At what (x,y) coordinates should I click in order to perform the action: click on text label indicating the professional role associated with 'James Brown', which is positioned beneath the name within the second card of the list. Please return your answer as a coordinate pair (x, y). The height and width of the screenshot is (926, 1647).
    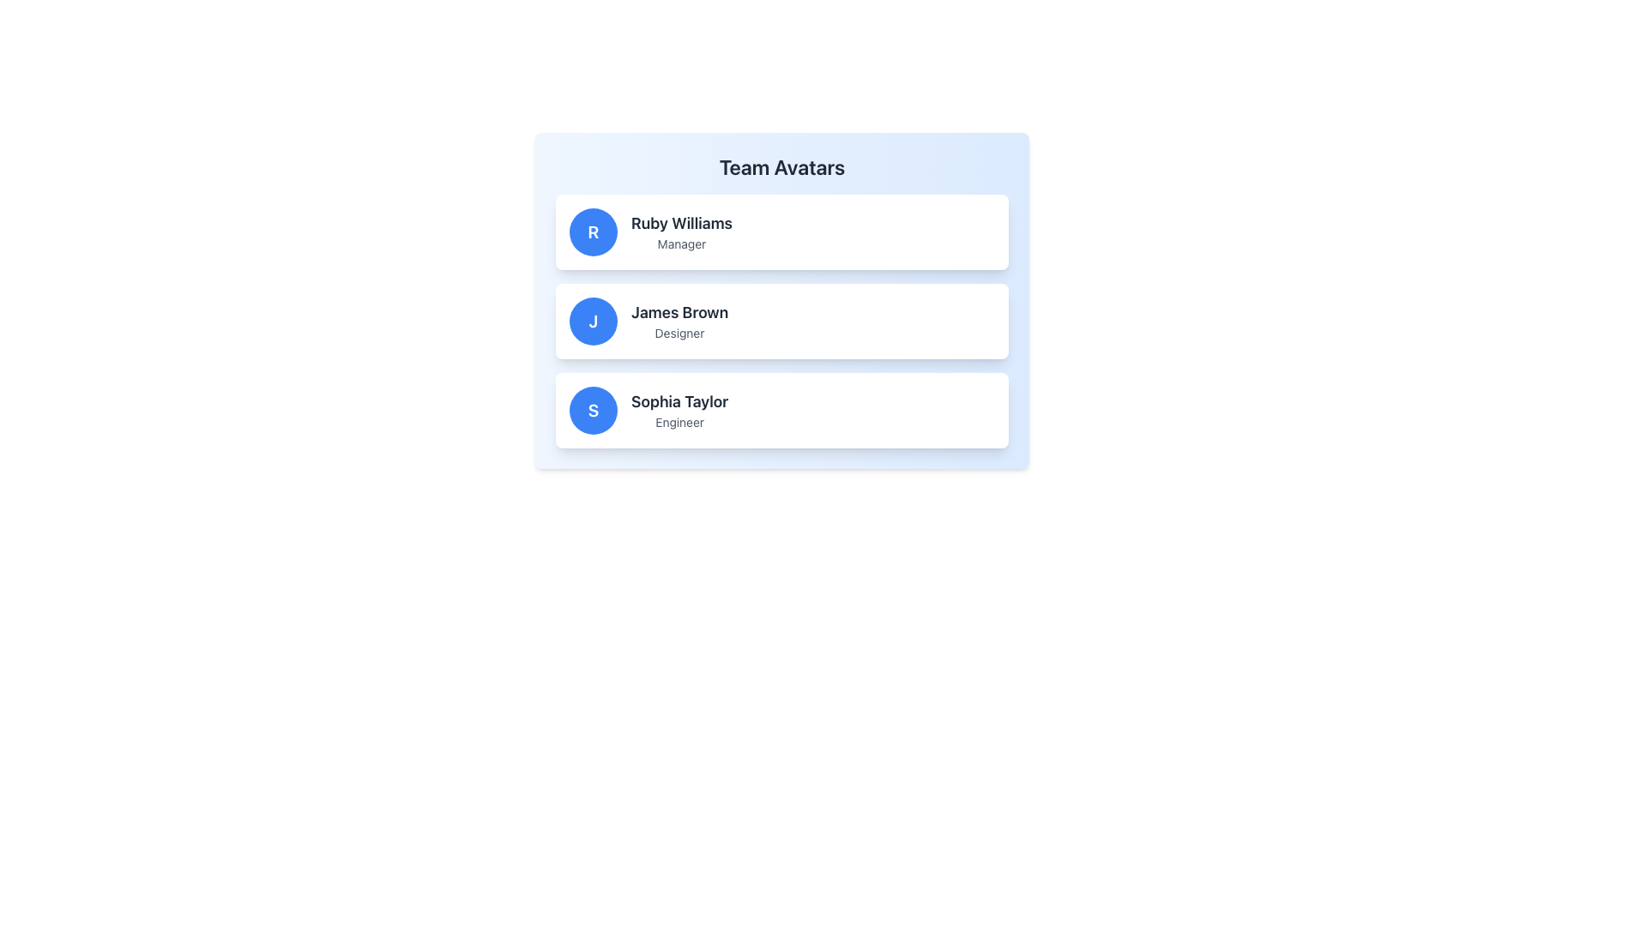
    Looking at the image, I should click on (679, 334).